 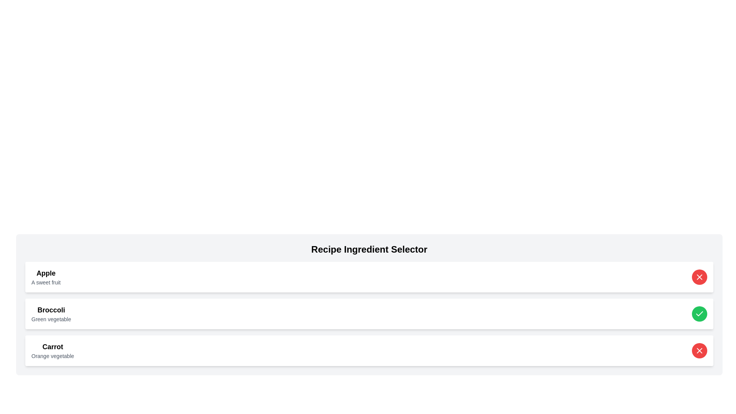 I want to click on the 'Carrot' ingredient information text, which is the third item in the 'Recipe Ingredient Selector' list, positioned below 'Broccoli: Green vegetable', so click(x=52, y=350).